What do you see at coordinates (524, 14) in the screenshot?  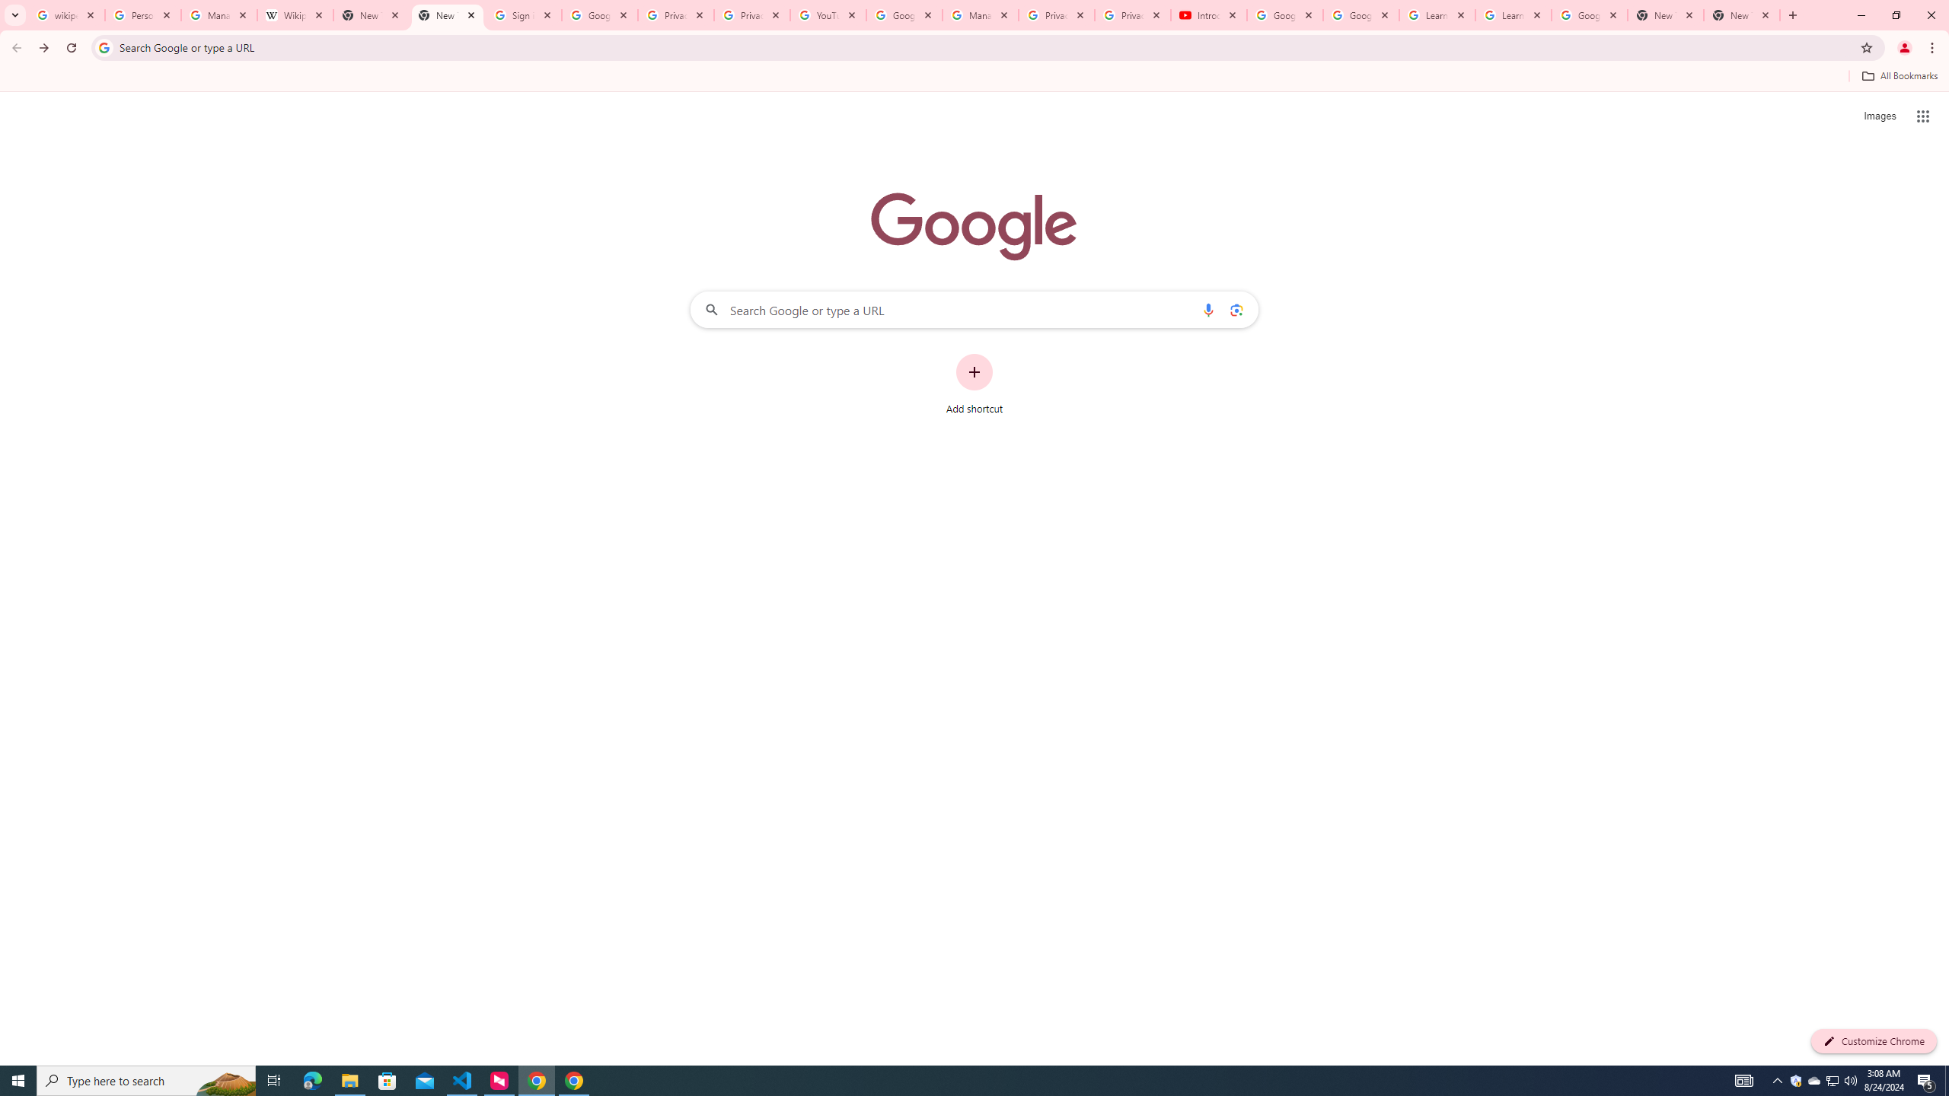 I see `'Sign in - Google Accounts'` at bounding box center [524, 14].